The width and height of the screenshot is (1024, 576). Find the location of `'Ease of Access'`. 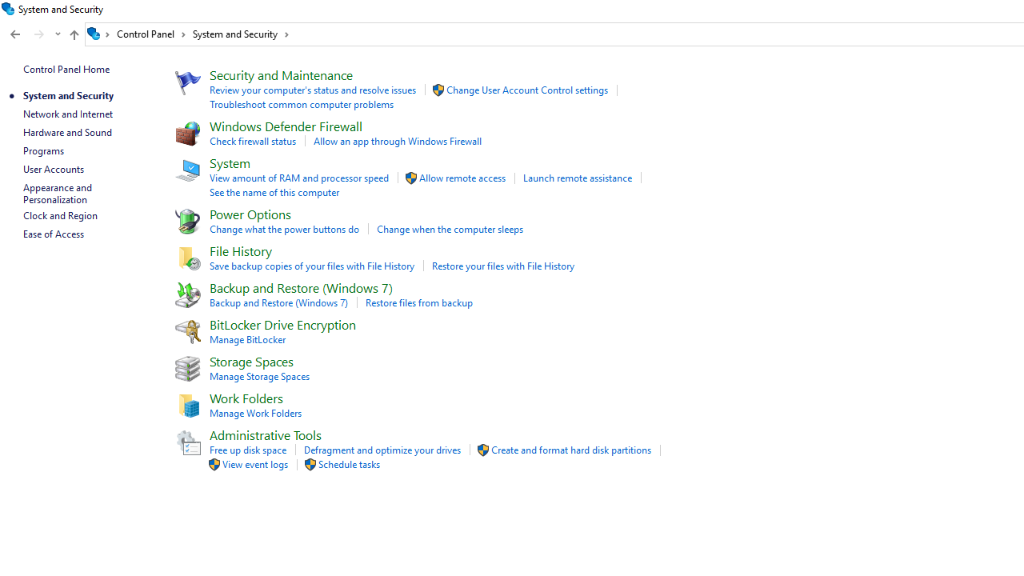

'Ease of Access' is located at coordinates (54, 234).